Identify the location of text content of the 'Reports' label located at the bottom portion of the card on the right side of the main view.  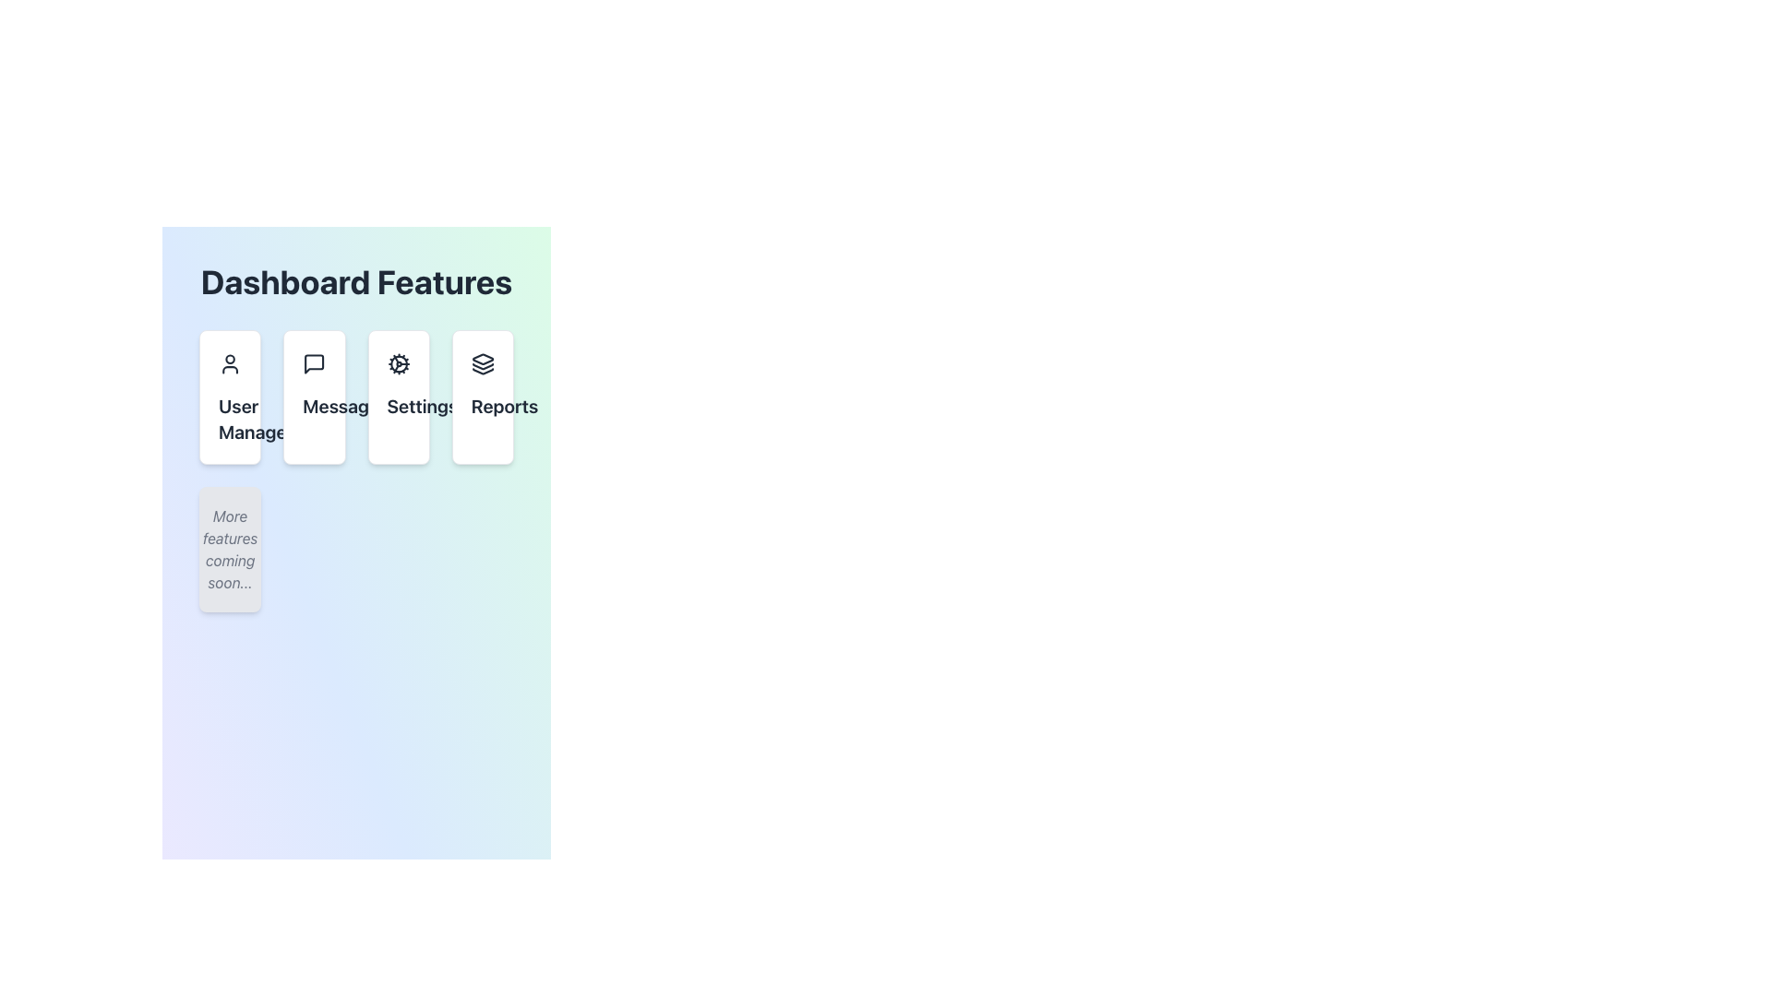
(483, 405).